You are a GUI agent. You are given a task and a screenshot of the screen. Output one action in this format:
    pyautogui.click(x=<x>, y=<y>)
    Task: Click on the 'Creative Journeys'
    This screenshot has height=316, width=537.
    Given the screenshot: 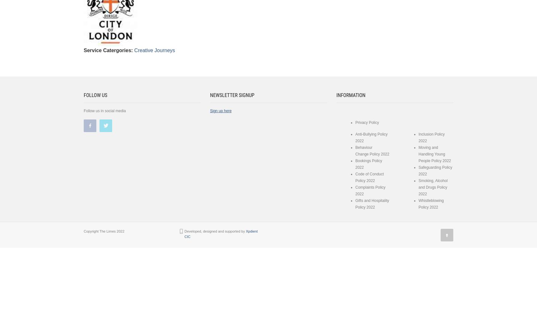 What is the action you would take?
    pyautogui.click(x=154, y=50)
    